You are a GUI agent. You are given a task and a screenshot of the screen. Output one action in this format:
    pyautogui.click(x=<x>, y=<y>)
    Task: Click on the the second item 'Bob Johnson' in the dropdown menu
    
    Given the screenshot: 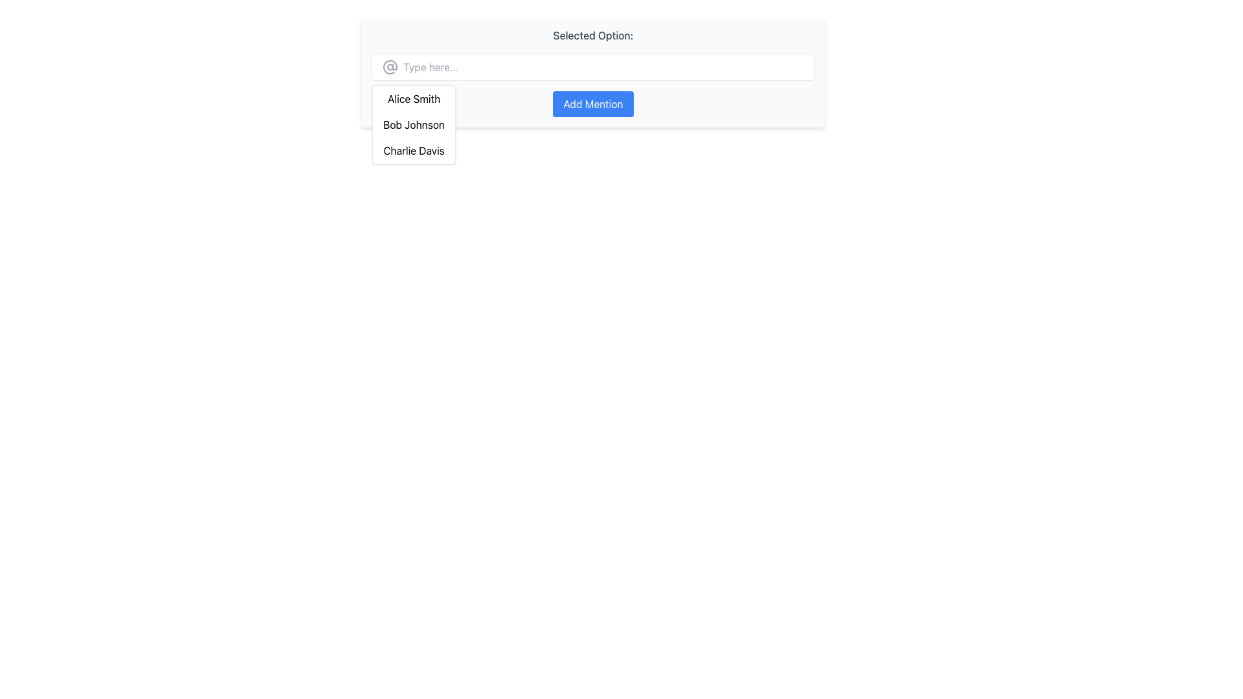 What is the action you would take?
    pyautogui.click(x=413, y=124)
    